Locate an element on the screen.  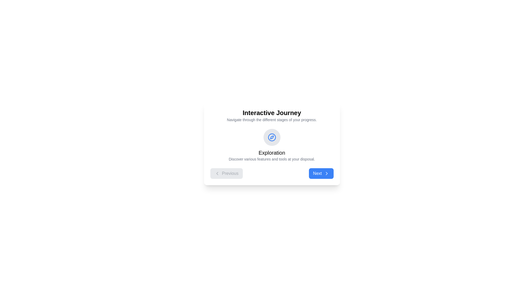
the 'Previous' button is located at coordinates (226, 173).